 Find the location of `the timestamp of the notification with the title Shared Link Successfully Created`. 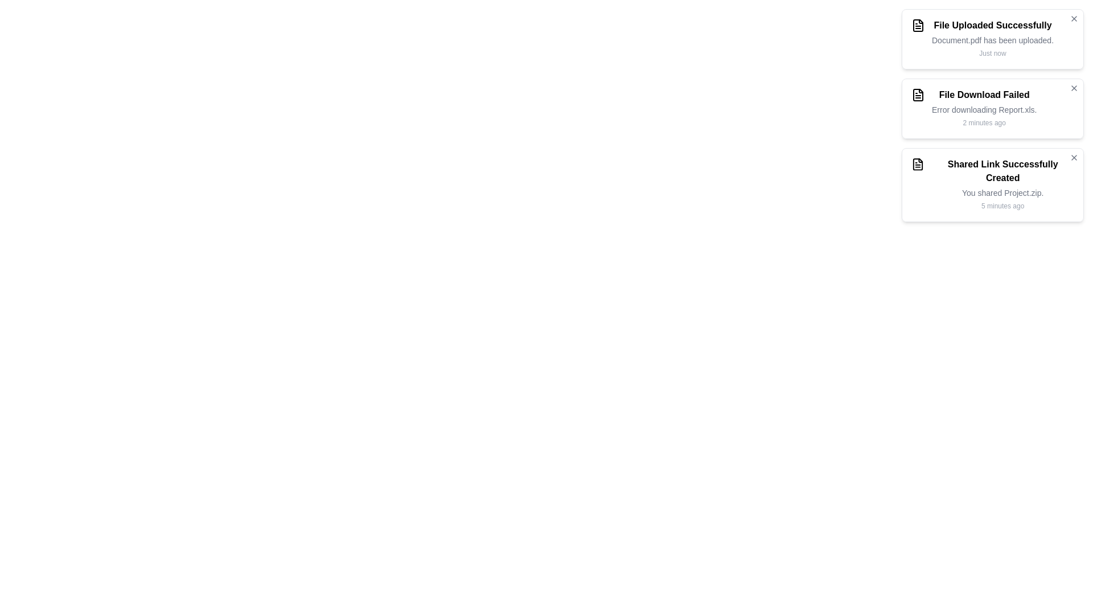

the timestamp of the notification with the title Shared Link Successfully Created is located at coordinates (1002, 206).